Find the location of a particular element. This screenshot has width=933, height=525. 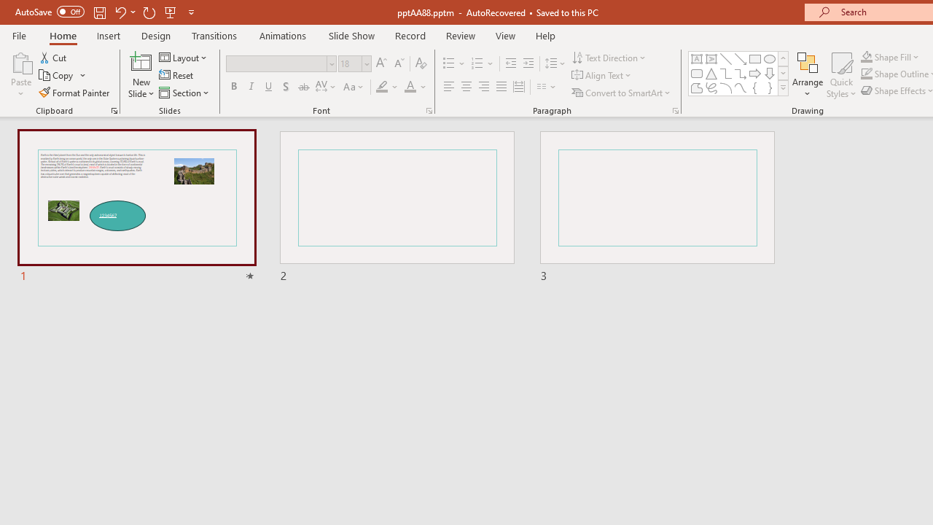

'Rectangle: Rounded Corners' is located at coordinates (696, 73).